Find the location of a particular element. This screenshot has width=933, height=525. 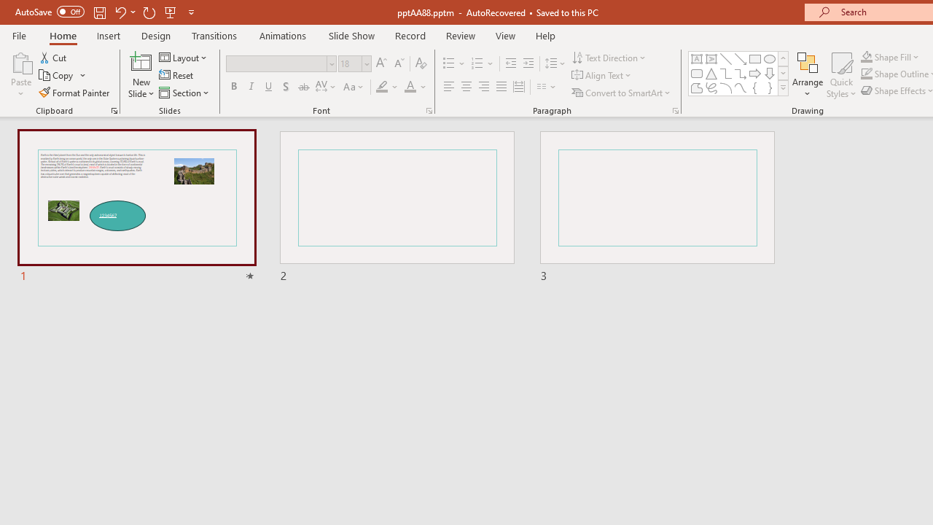

'Rectangle: Rounded Corners' is located at coordinates (696, 73).